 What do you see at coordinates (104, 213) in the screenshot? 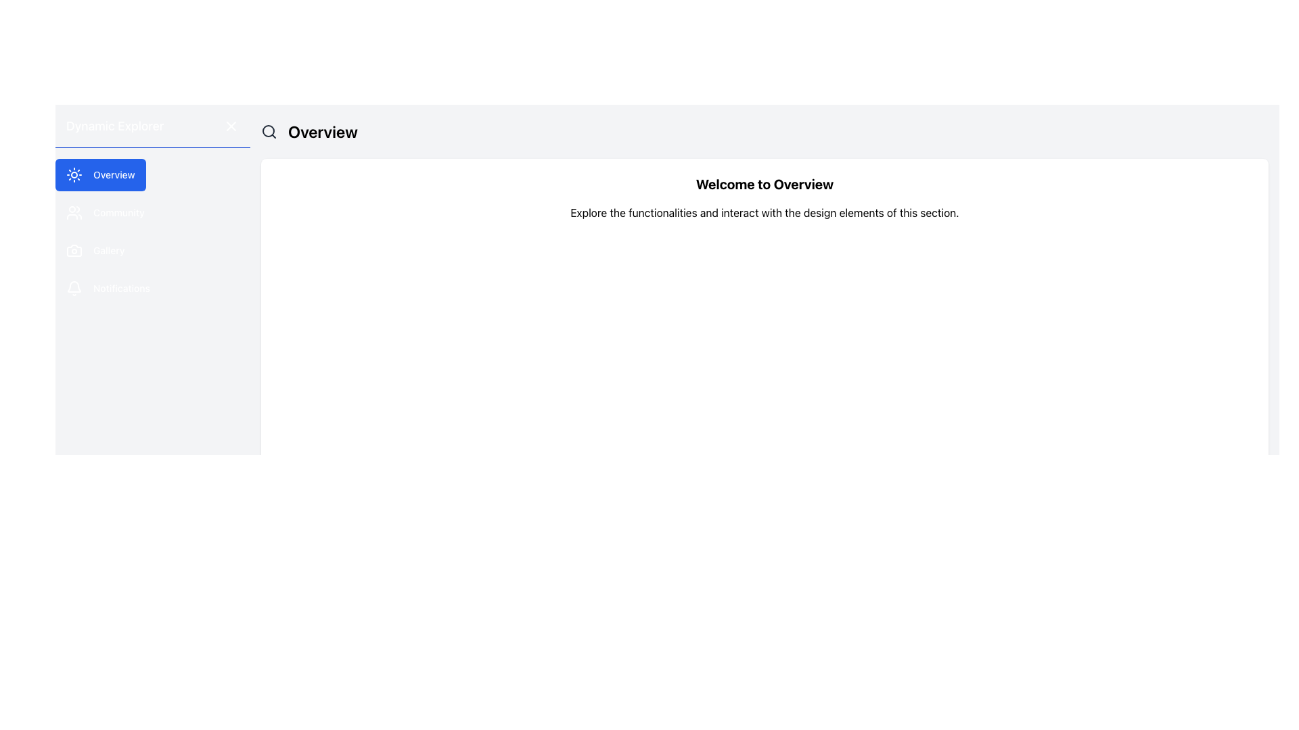
I see `the 'Community' button located in the sidebar below the 'Overview' option and above the 'Gallery' option` at bounding box center [104, 213].